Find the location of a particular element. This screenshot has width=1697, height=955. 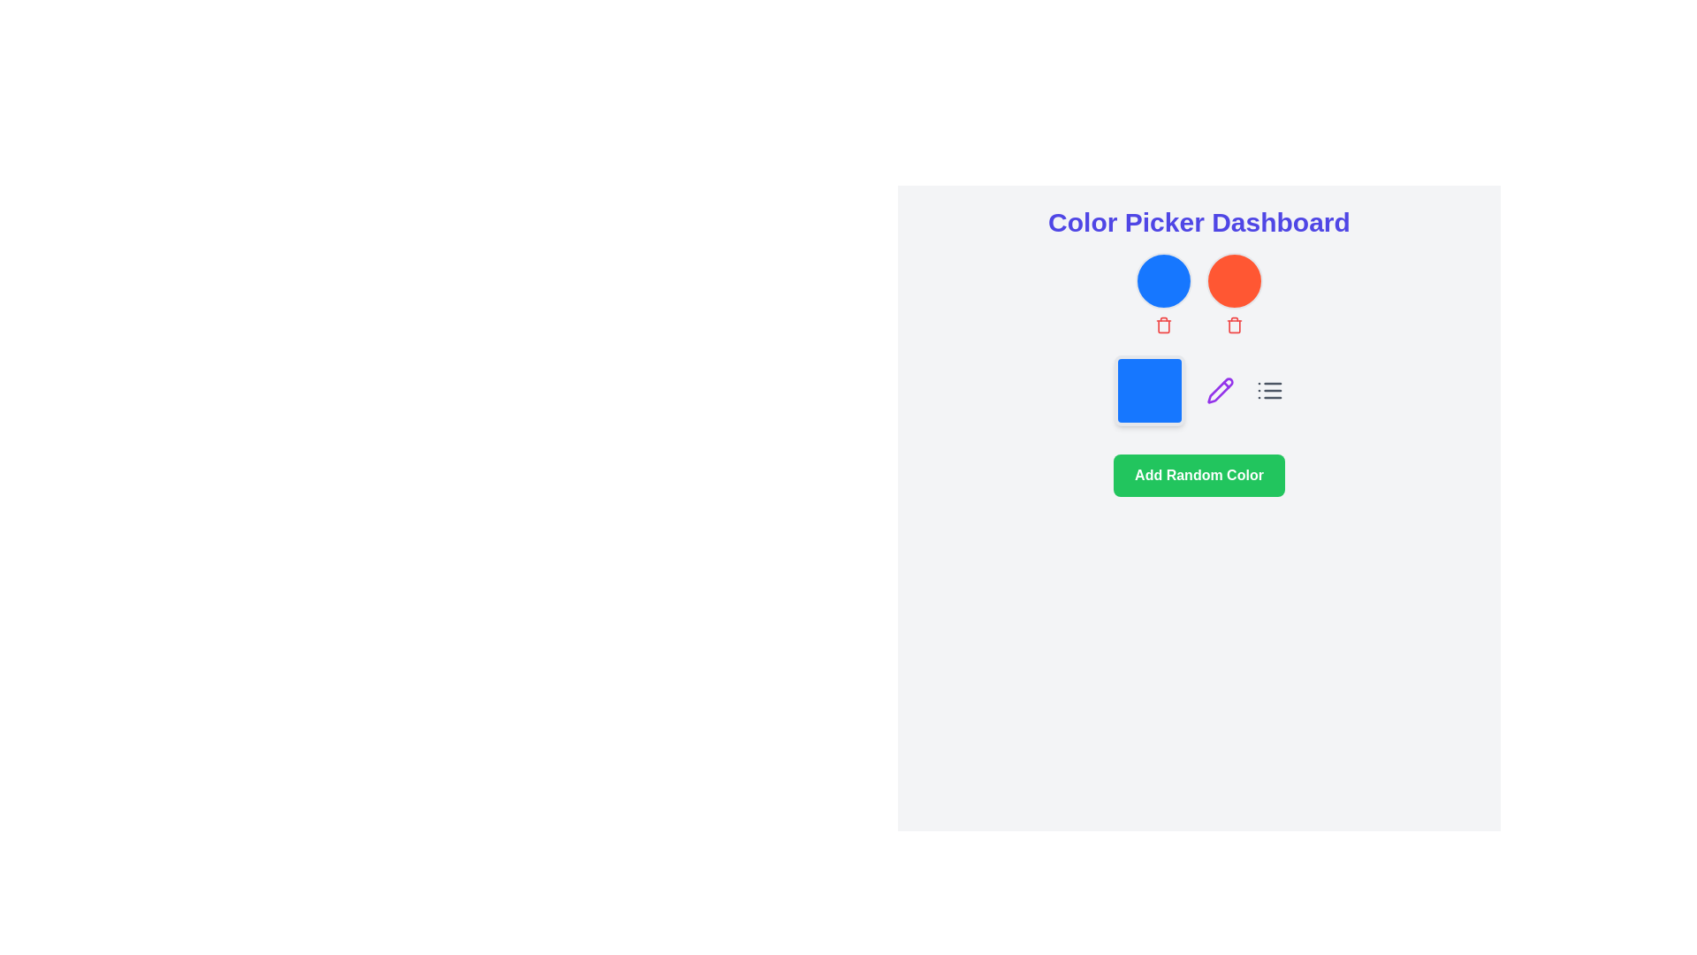

the grouped items consisting of a blue square, a purple pen icon, and a gray list icon, located below the circular color icons and above the 'Add Random Color' button is located at coordinates (1199, 390).